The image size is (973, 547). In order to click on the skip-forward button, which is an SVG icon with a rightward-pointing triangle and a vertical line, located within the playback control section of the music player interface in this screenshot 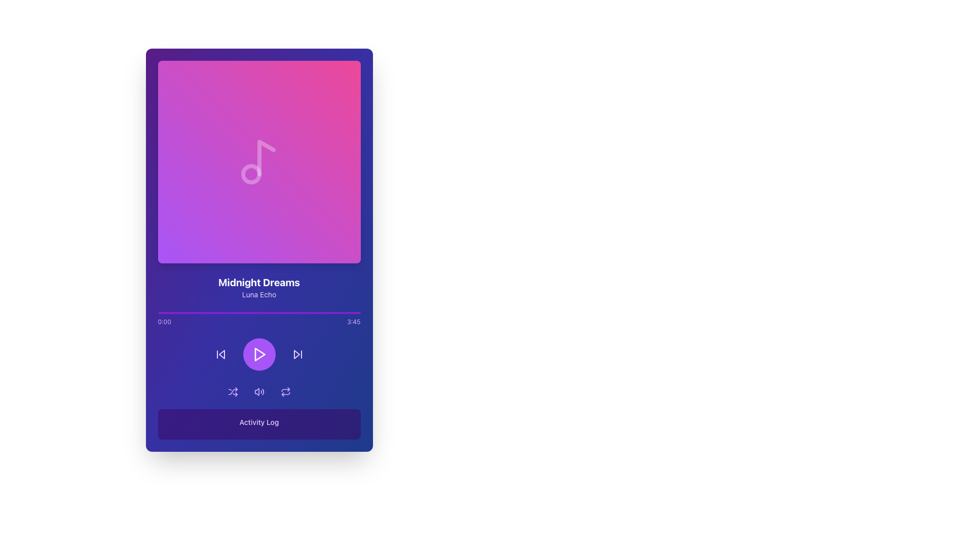, I will do `click(297, 354)`.